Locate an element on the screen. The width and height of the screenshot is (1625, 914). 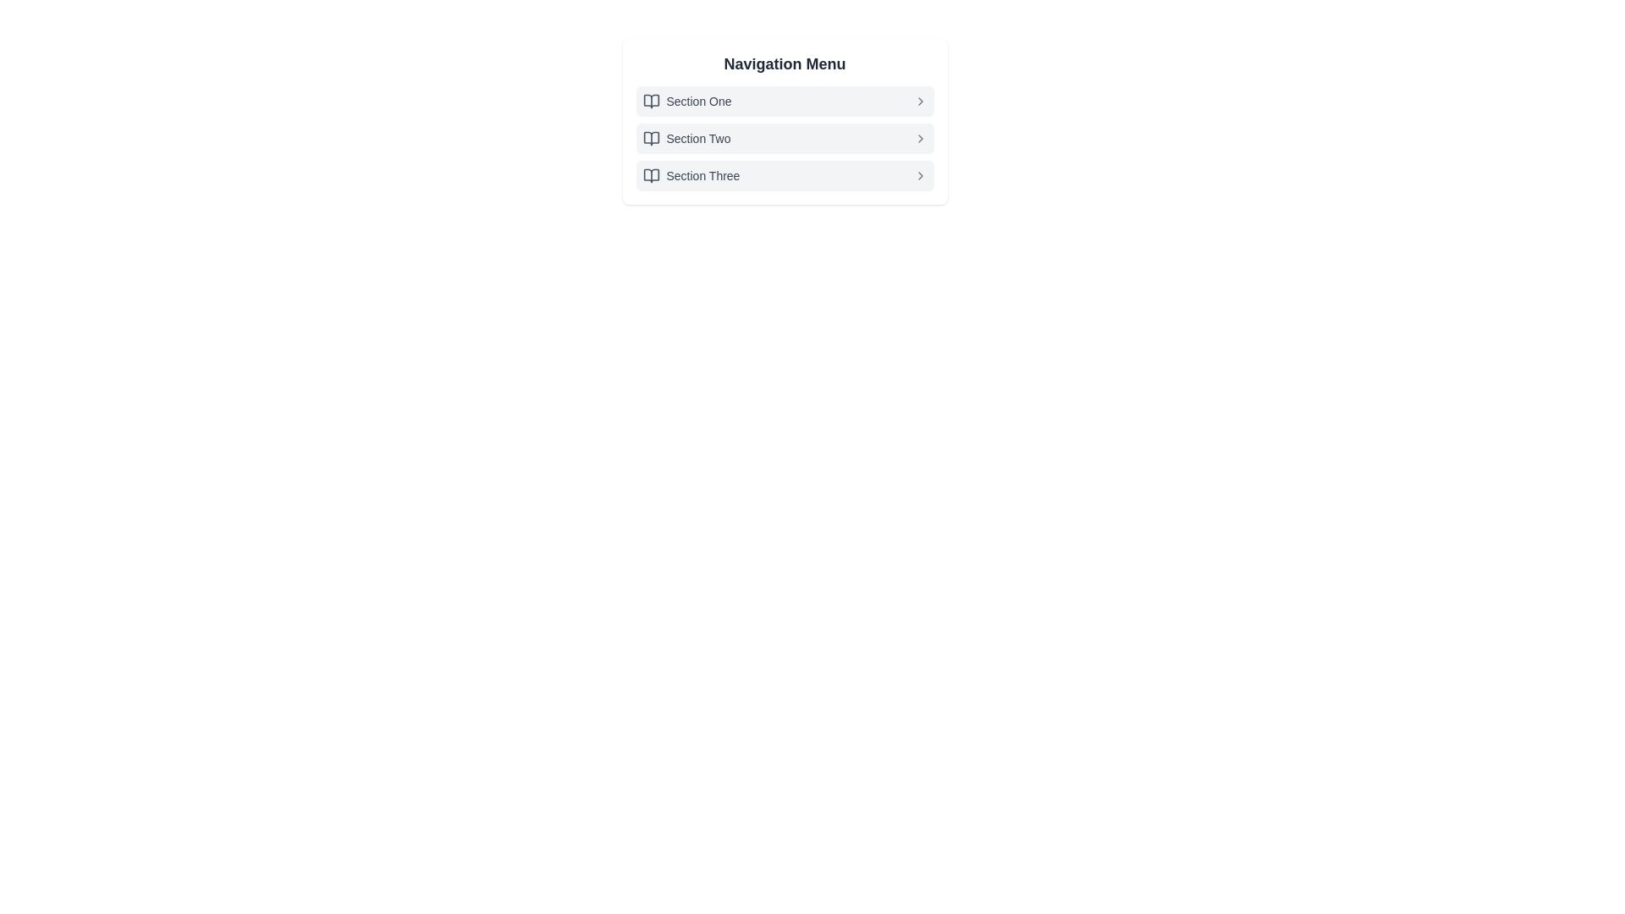
the small right-facing chevron icon in the navigation menu at the far right of 'Section One' is located at coordinates (919, 101).